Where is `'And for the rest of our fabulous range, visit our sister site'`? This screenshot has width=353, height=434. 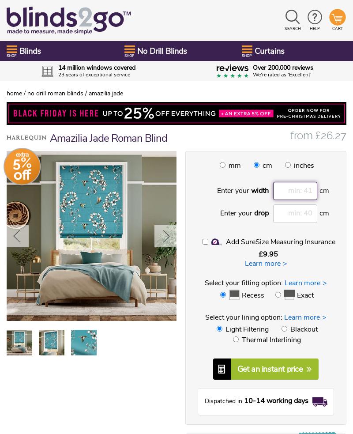 'And for the rest of our fabulous range, visit our sister site' is located at coordinates (154, 41).